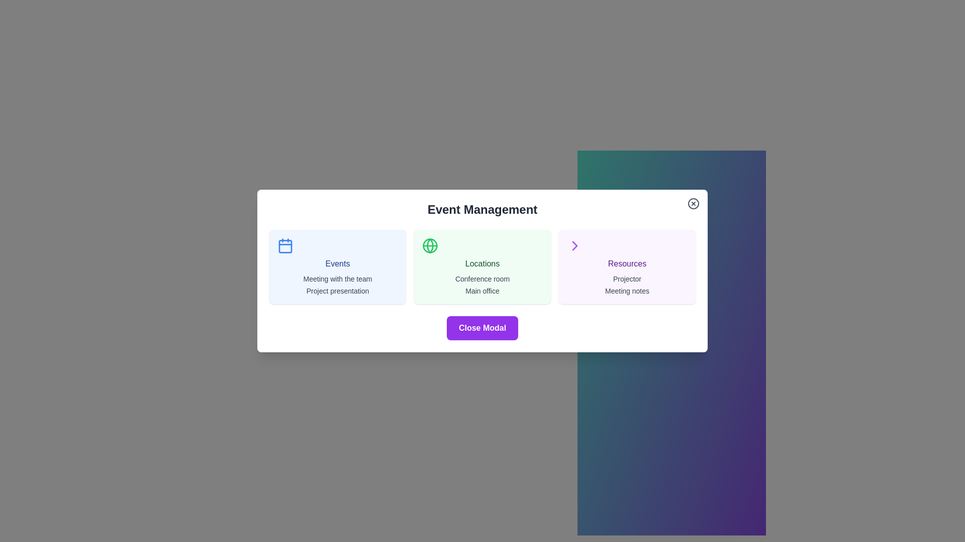  I want to click on the 'Resources' text label element, which is styled with a medium-weight font in purple and is located within a light purple background card in the rightmost card of a three-card layout, so click(627, 263).